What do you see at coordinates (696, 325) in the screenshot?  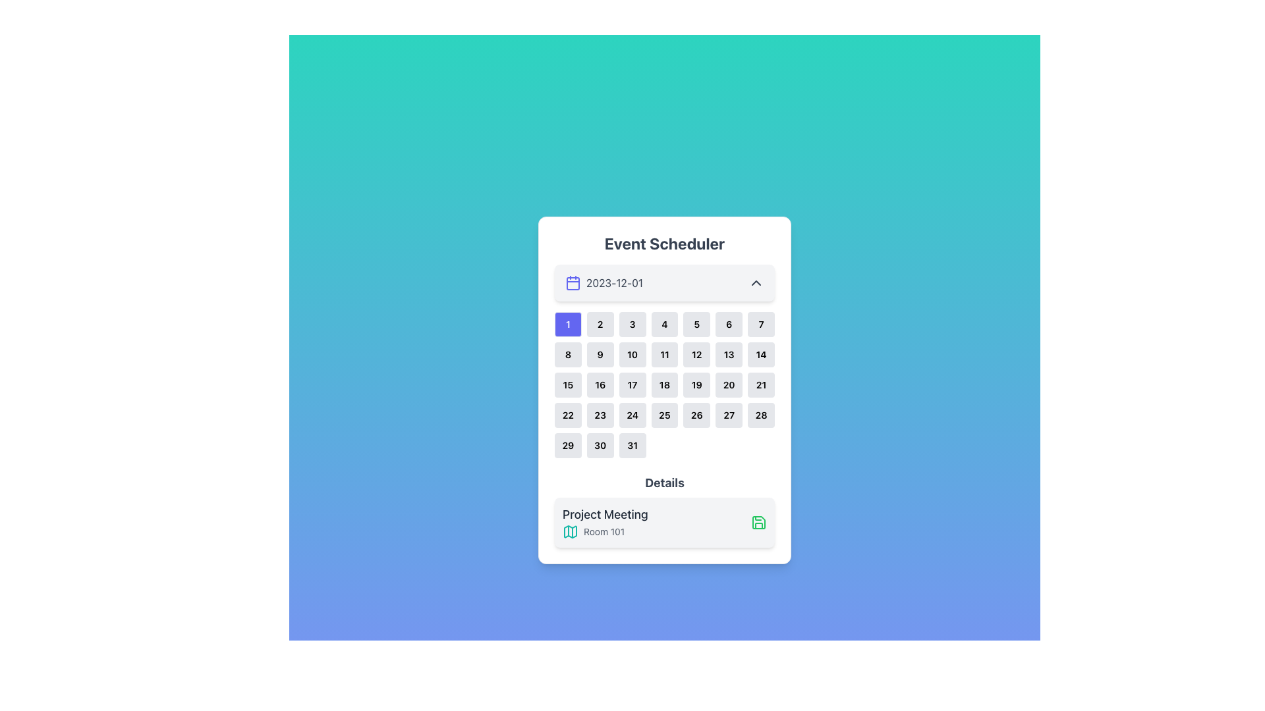 I see `the button representing the calendar date '5', which is located in the first row of a 7-column grid layout, fifth from the left` at bounding box center [696, 325].